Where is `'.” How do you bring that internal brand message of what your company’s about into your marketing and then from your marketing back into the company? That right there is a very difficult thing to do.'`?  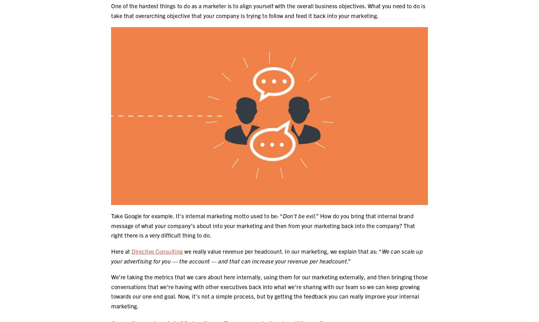 '.” How do you bring that internal brand message of what your company’s about into your marketing and then from your marketing back into the company? That right there is a very difficult thing to do.' is located at coordinates (263, 225).